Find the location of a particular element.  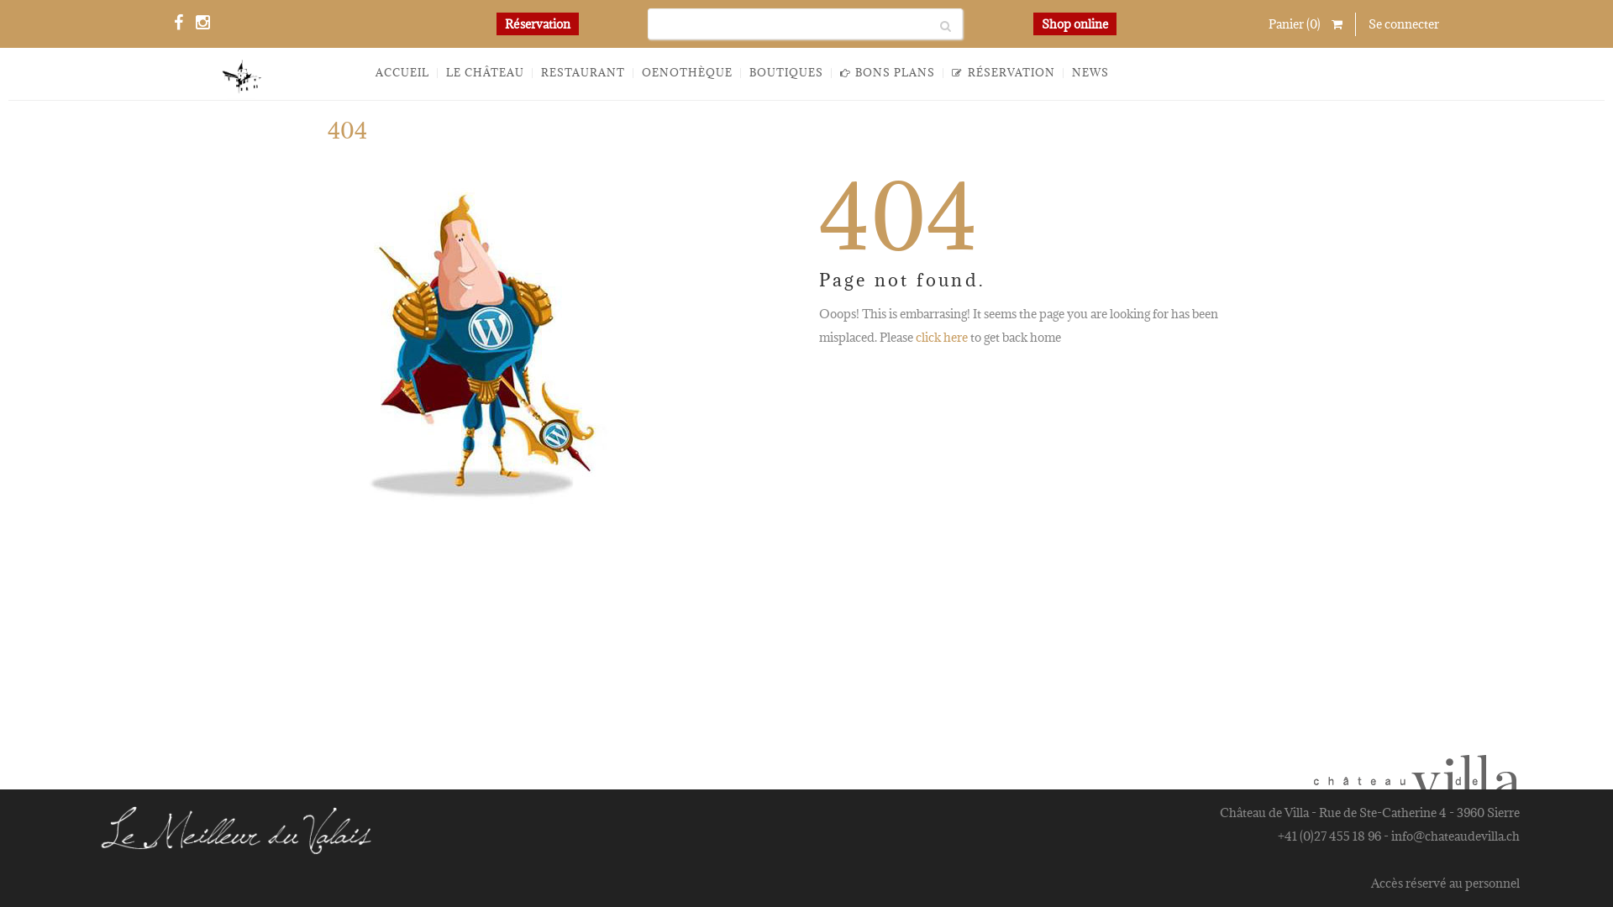

'You are here: Home' is located at coordinates (1179, 135).